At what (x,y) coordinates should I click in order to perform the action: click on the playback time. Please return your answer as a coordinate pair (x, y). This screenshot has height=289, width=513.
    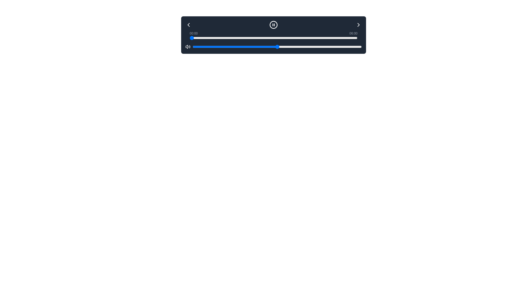
    Looking at the image, I should click on (247, 38).